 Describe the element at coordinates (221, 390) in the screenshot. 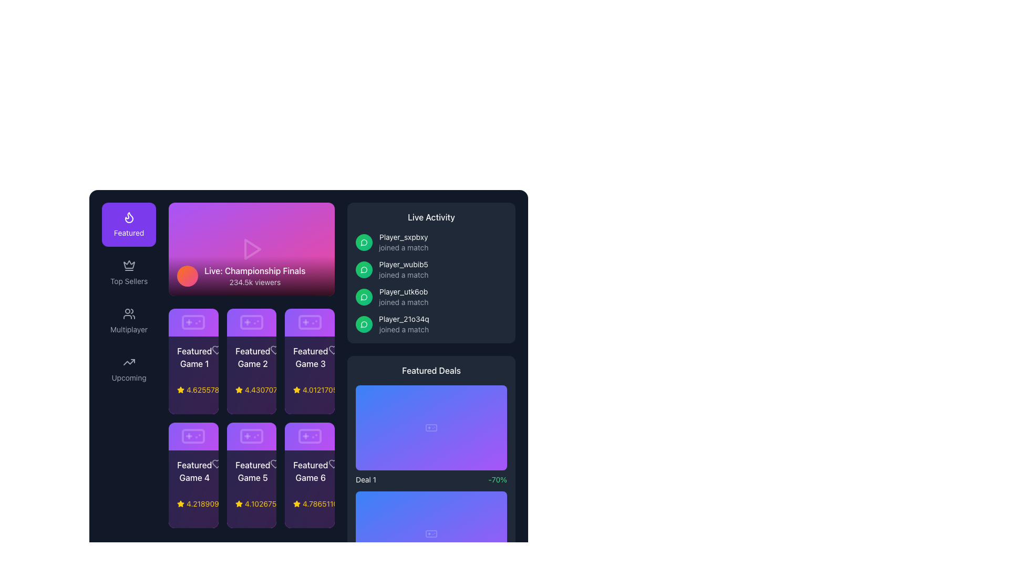

I see `the numeric text displaying the value '4.625578124638841', styled in yellow, located to the right of a star icon in the rating component of the 'Featured Game 1' card` at that location.